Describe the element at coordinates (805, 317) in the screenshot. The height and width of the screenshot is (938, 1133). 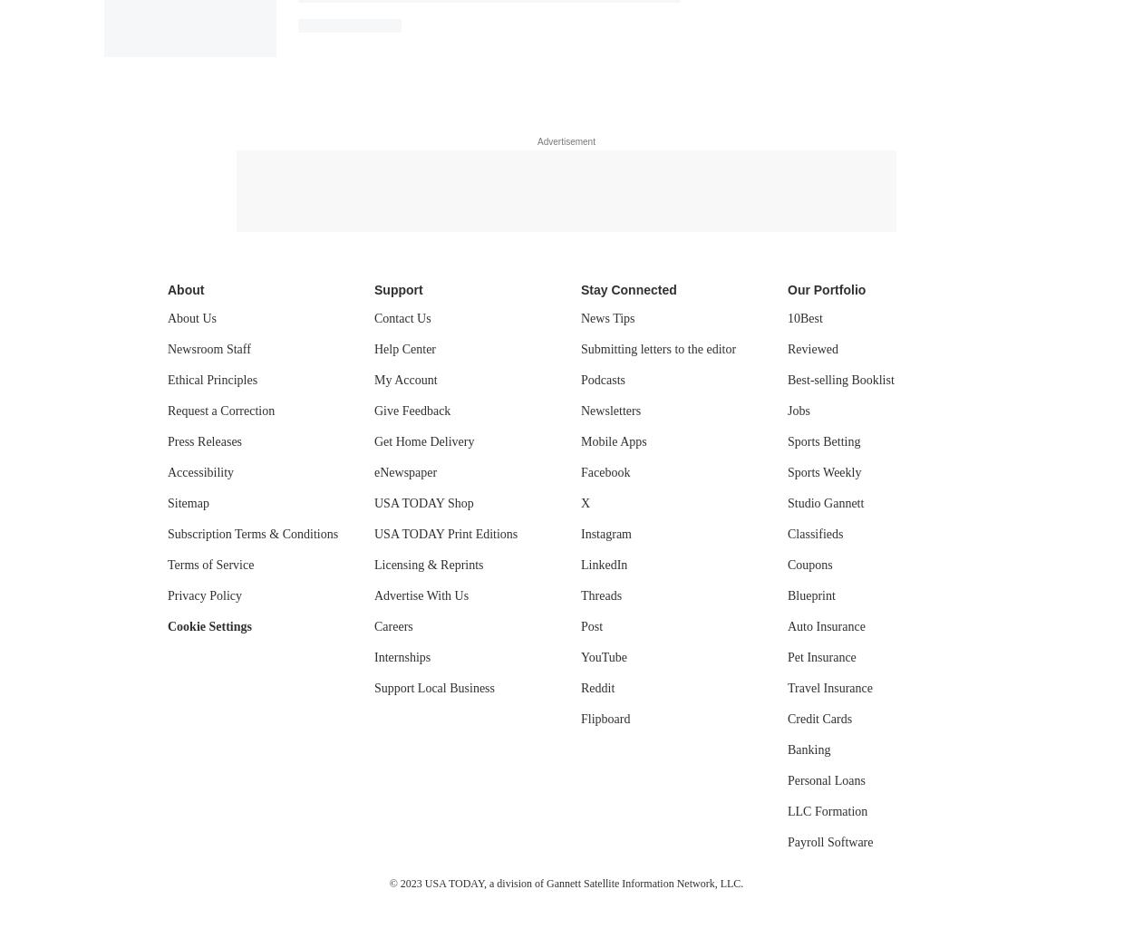
I see `'10Best'` at that location.